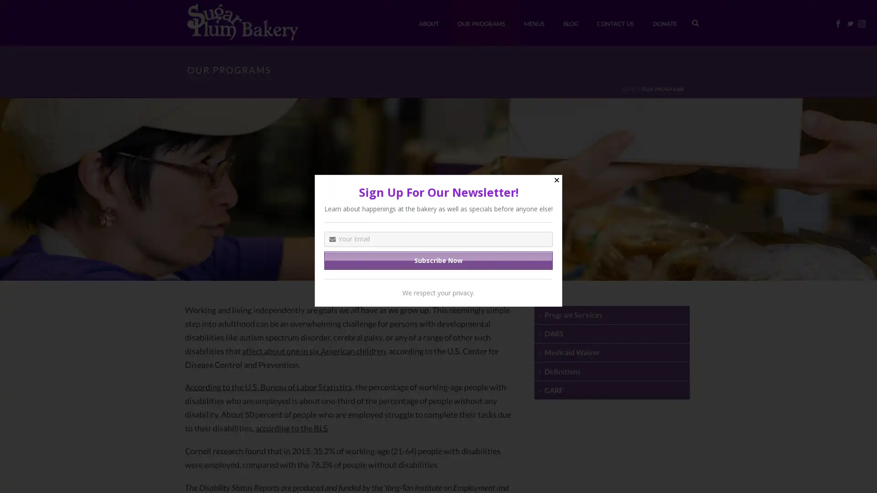 The height and width of the screenshot is (493, 877). Describe the element at coordinates (438, 260) in the screenshot. I see `Subscribe Now` at that location.